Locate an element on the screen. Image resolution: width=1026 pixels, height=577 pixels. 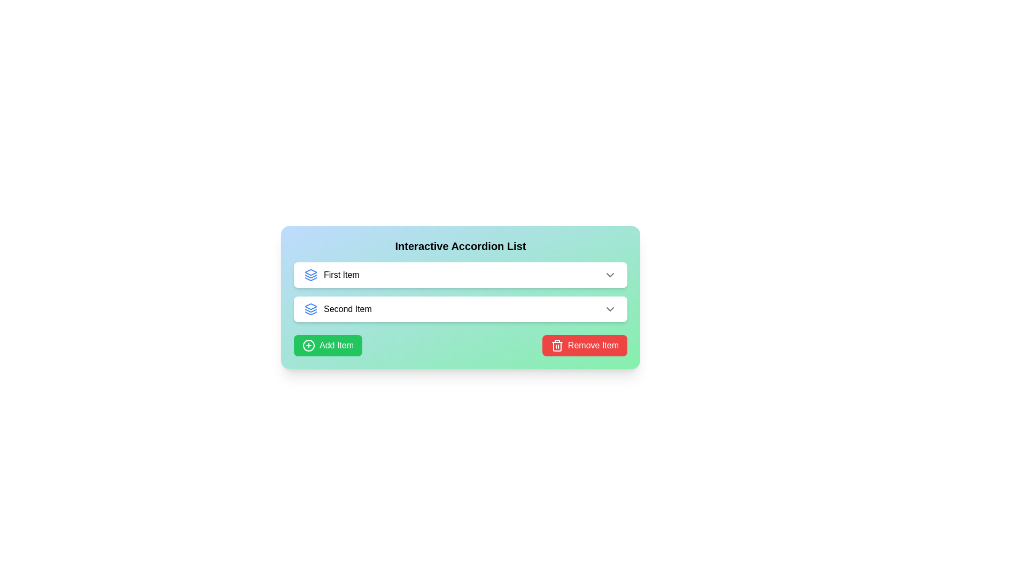
the 'Remove Item' button to remove an item from the list is located at coordinates (584, 346).